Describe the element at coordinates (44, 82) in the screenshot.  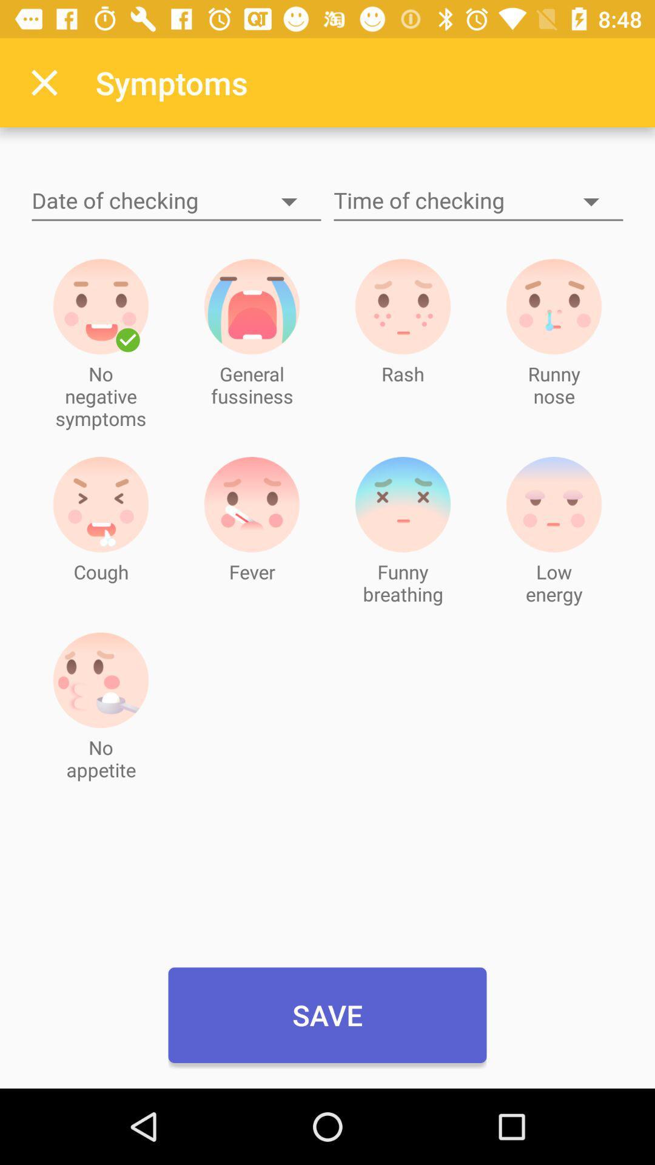
I see `the item next to the symptoms item` at that location.